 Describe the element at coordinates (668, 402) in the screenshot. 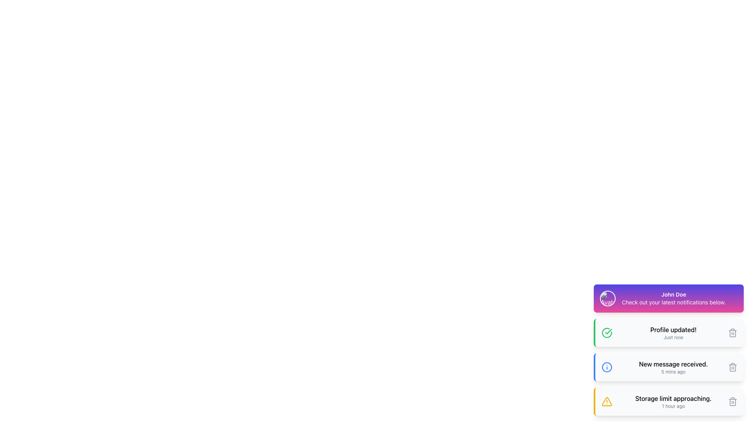

I see `the third notification card that informs the user about the approaching storage limit, located at the bottom-right corner of the interface` at that location.